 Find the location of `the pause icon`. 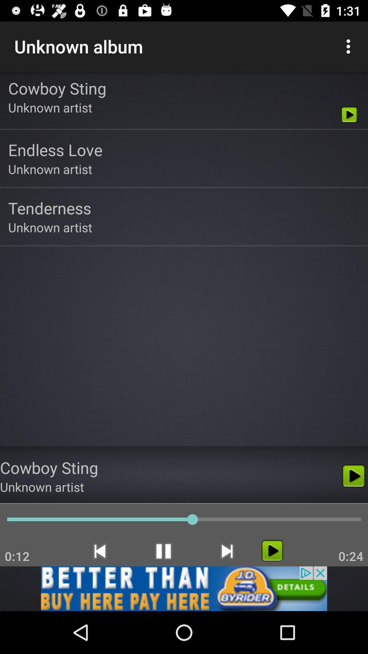

the pause icon is located at coordinates (163, 551).